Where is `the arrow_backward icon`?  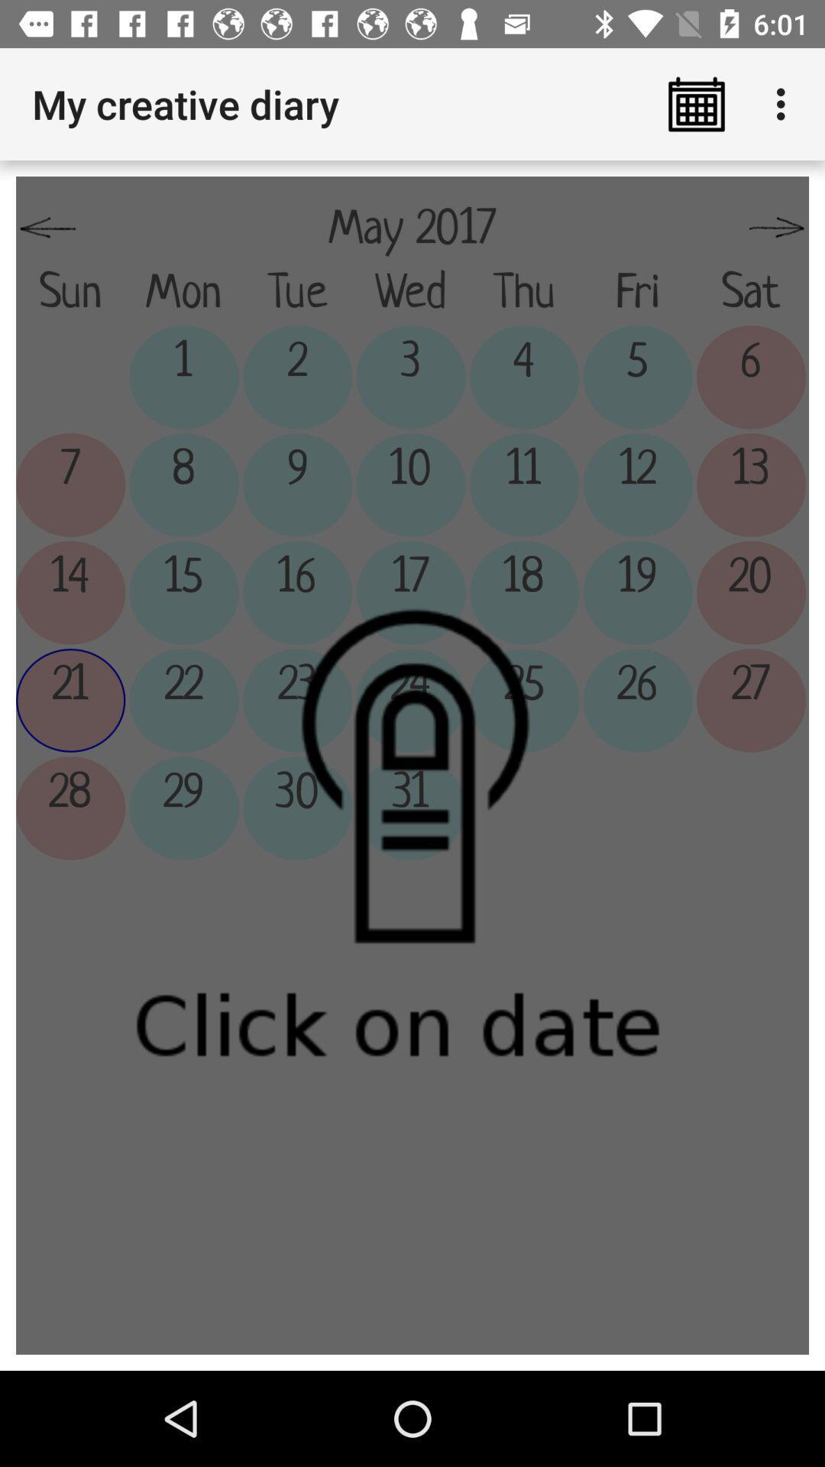 the arrow_backward icon is located at coordinates (47, 228).